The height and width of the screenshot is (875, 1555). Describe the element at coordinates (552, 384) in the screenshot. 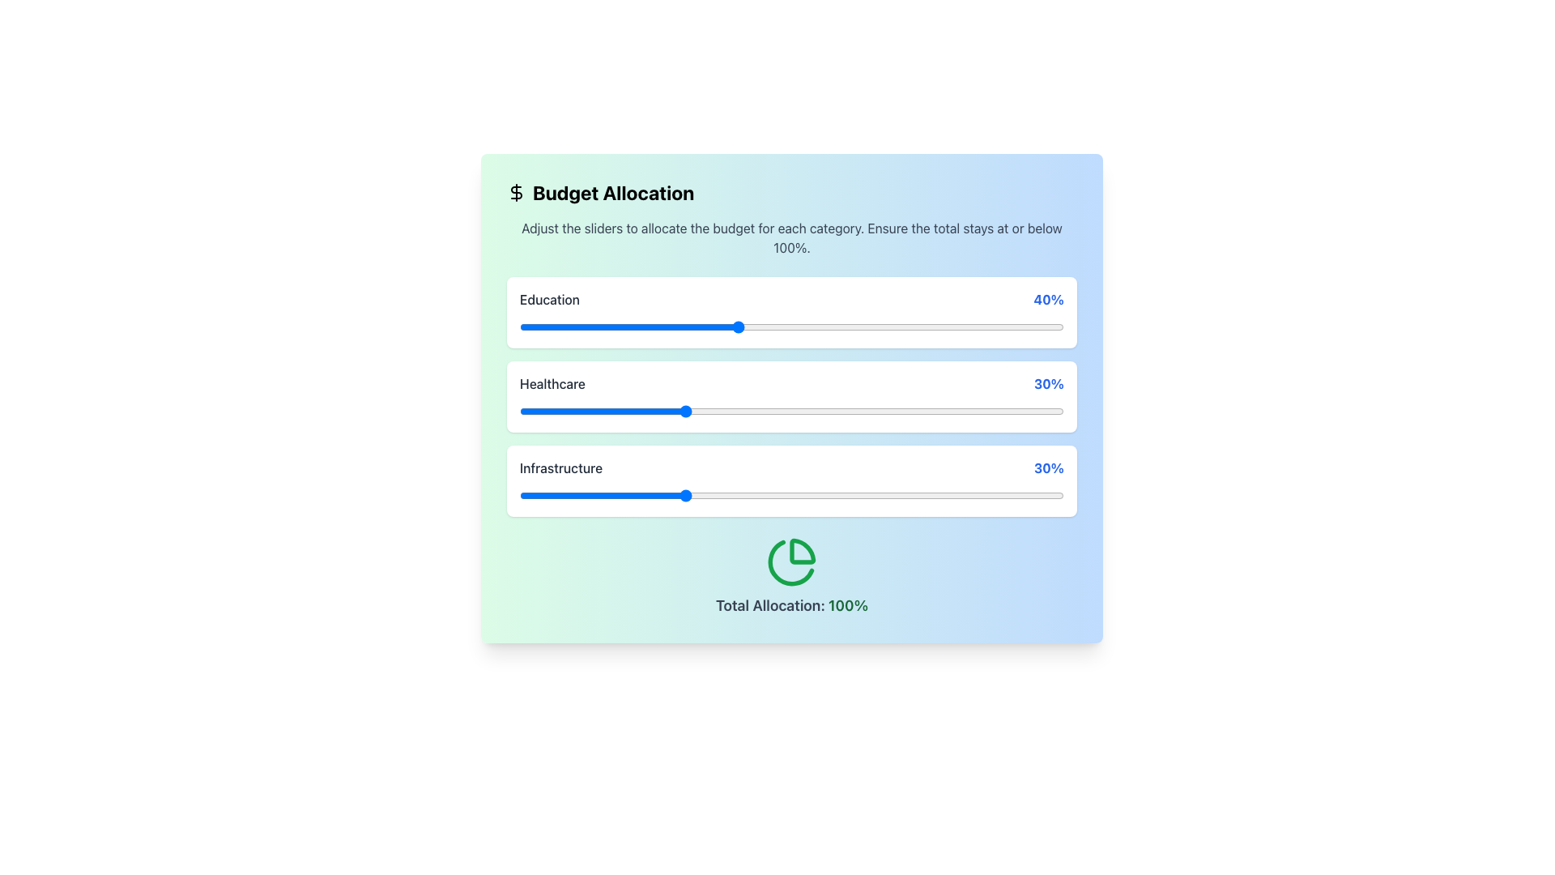

I see `the 'Healthcare' budget allocation text label, which is positioned to the left of the progress bar and percentage value '30%', located in the second entry of the vertical list of budget categories` at that location.